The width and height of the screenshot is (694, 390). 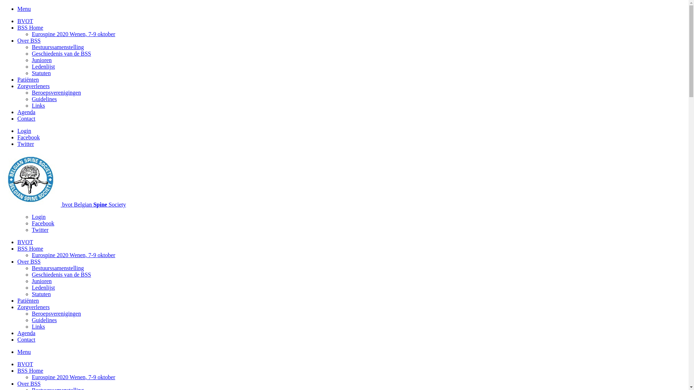 What do you see at coordinates (30, 248) in the screenshot?
I see `'BSS Home'` at bounding box center [30, 248].